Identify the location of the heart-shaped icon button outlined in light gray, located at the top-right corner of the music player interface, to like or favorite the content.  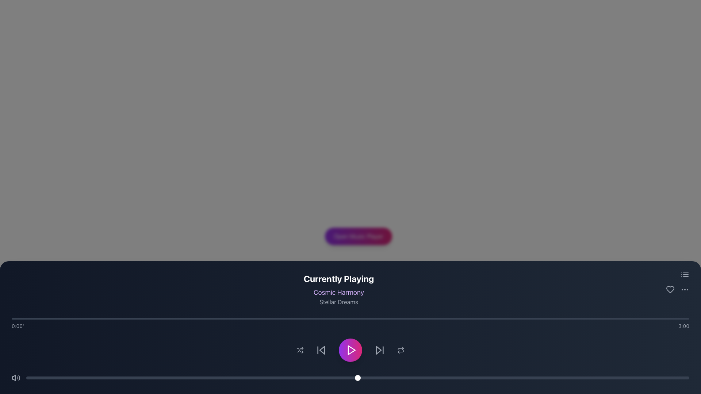
(670, 289).